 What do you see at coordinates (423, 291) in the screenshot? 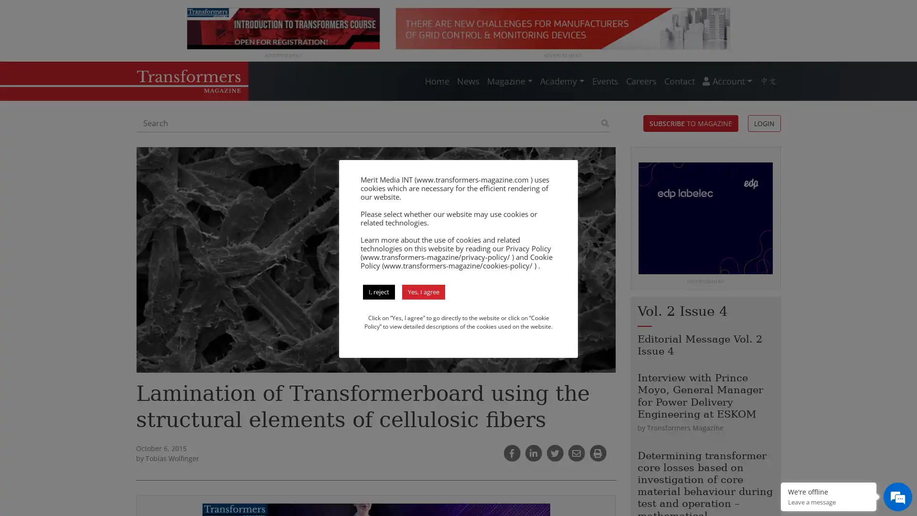
I see `Yes, I agree` at bounding box center [423, 291].